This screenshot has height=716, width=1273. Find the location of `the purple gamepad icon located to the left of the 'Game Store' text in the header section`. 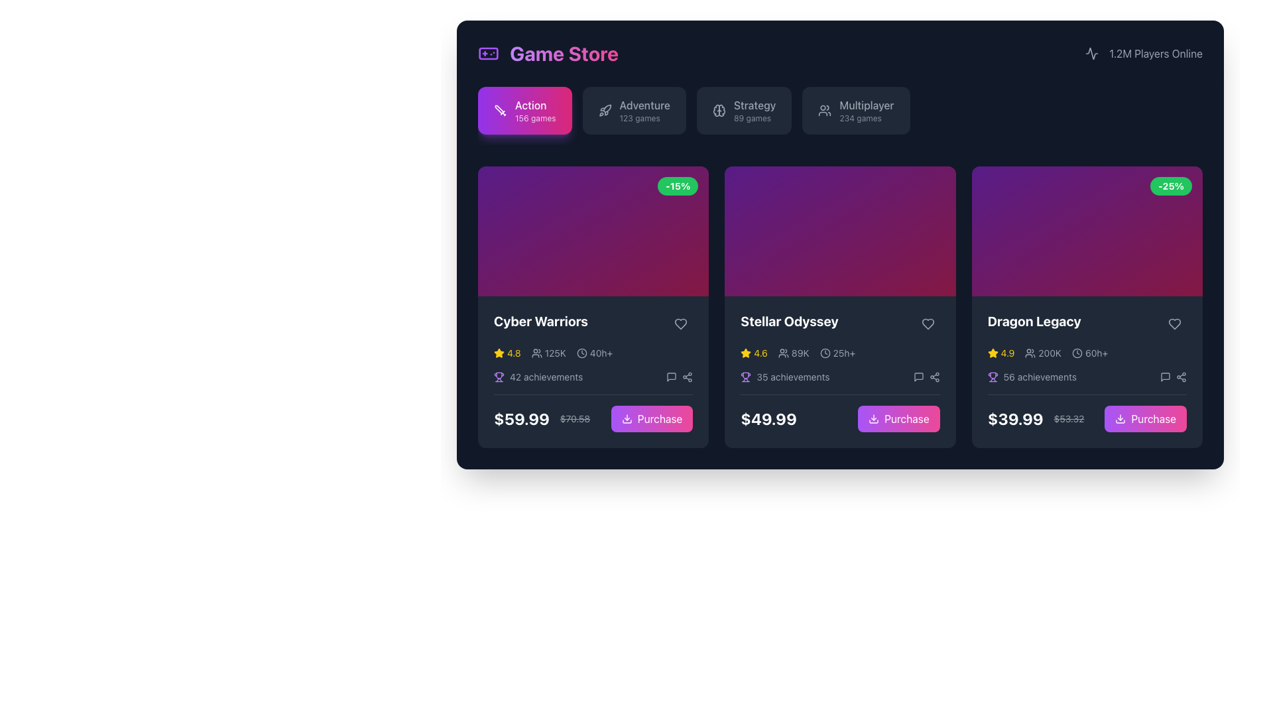

the purple gamepad icon located to the left of the 'Game Store' text in the header section is located at coordinates (488, 53).